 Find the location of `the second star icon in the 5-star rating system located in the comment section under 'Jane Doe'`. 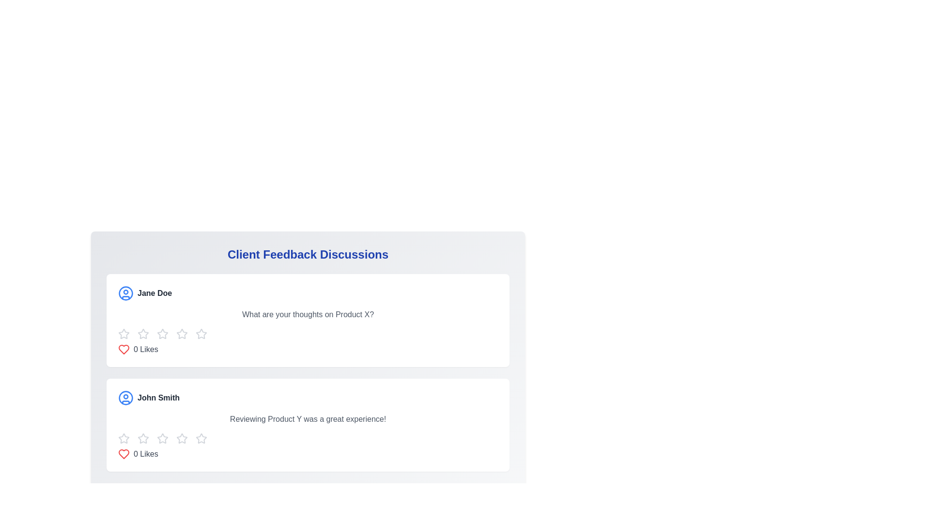

the second star icon in the 5-star rating system located in the comment section under 'Jane Doe' is located at coordinates (143, 334).